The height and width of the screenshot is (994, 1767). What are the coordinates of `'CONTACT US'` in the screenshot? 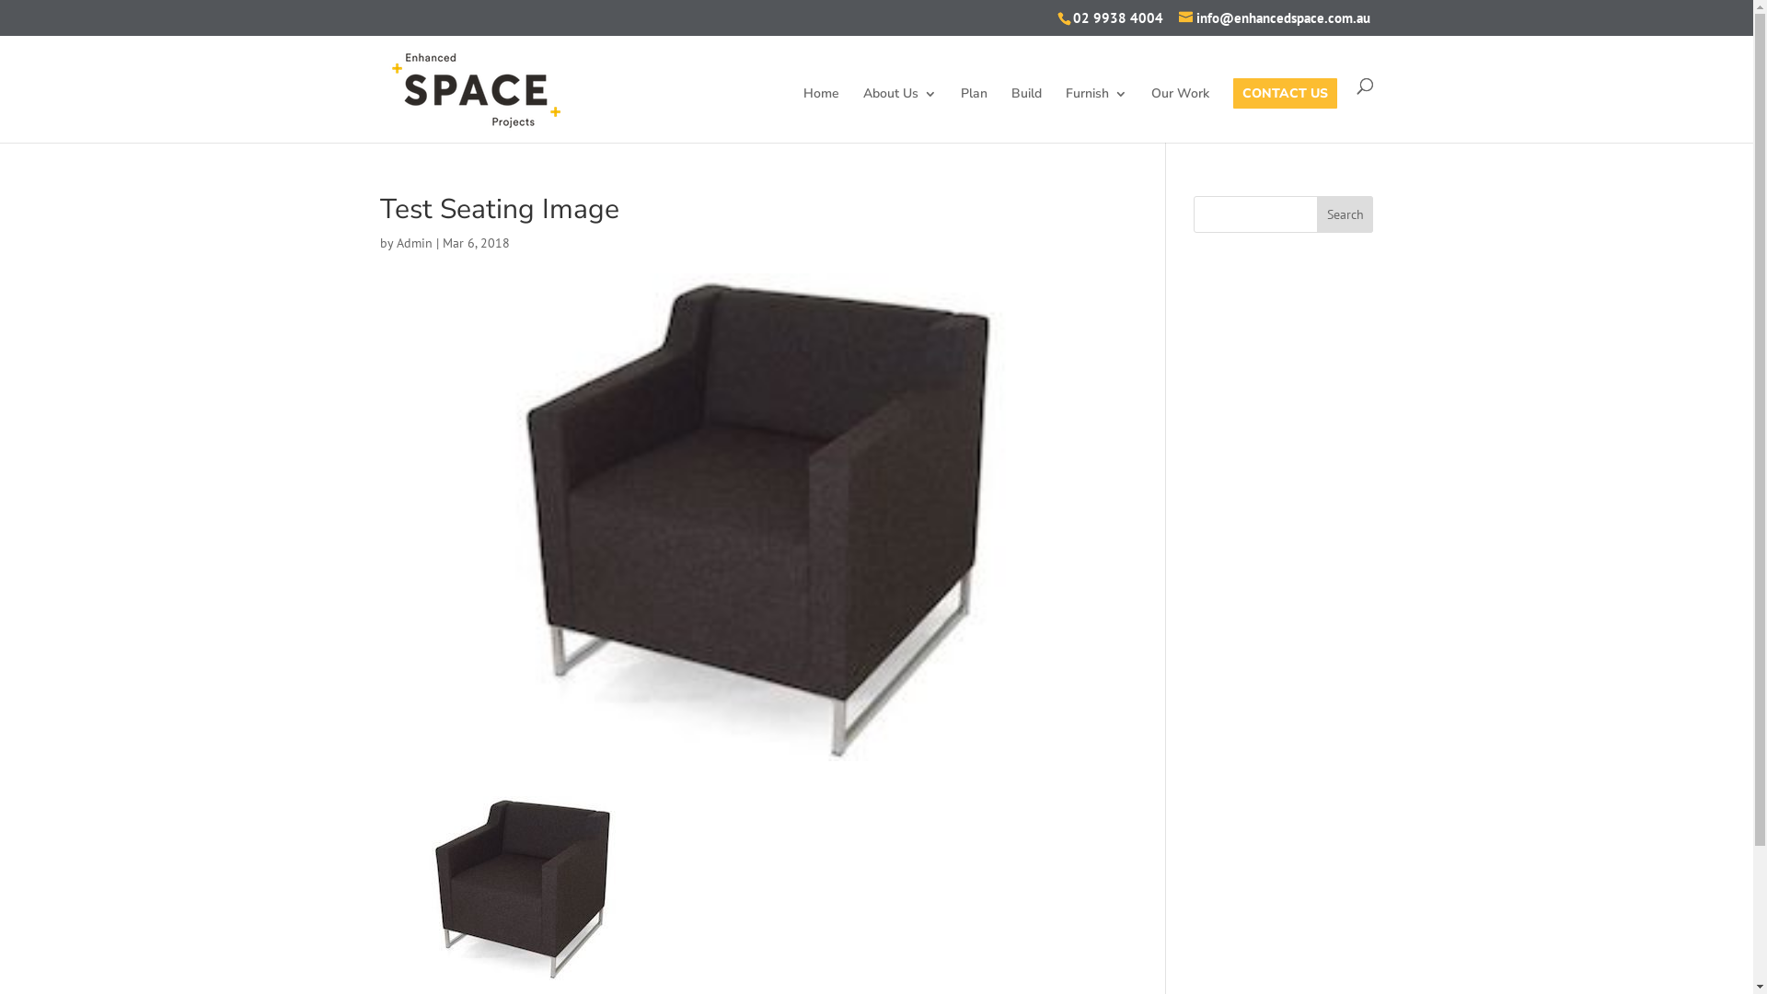 It's located at (1284, 113).